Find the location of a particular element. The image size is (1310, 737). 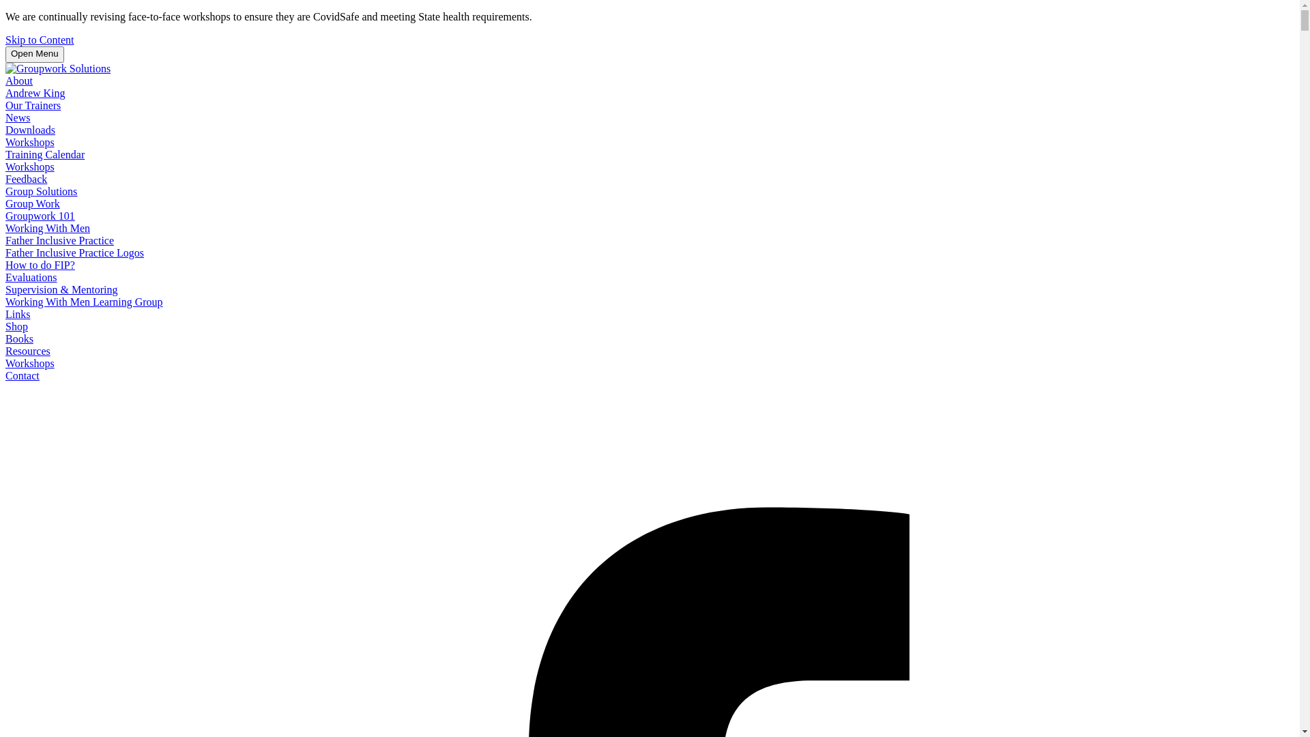

'Workshops' is located at coordinates (29, 142).